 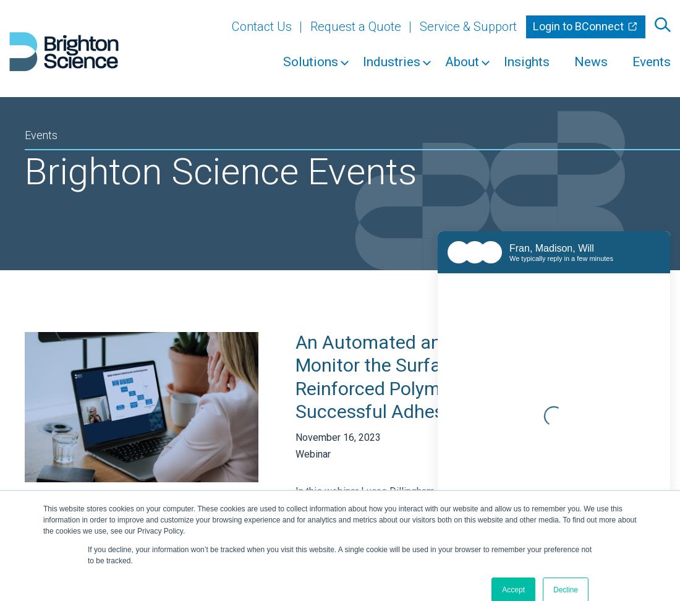 I want to click on 'Events', so click(x=24, y=135).